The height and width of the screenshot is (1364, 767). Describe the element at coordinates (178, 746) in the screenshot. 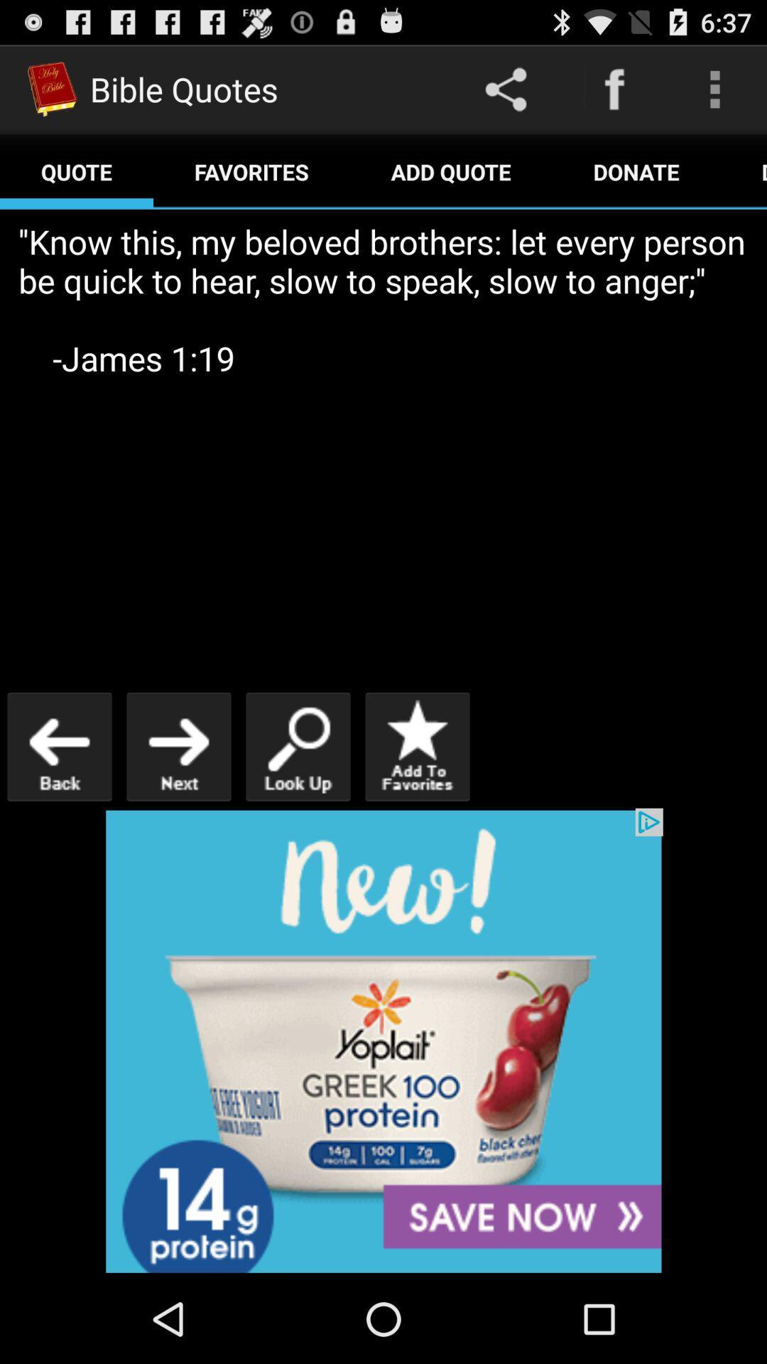

I see `next quote` at that location.